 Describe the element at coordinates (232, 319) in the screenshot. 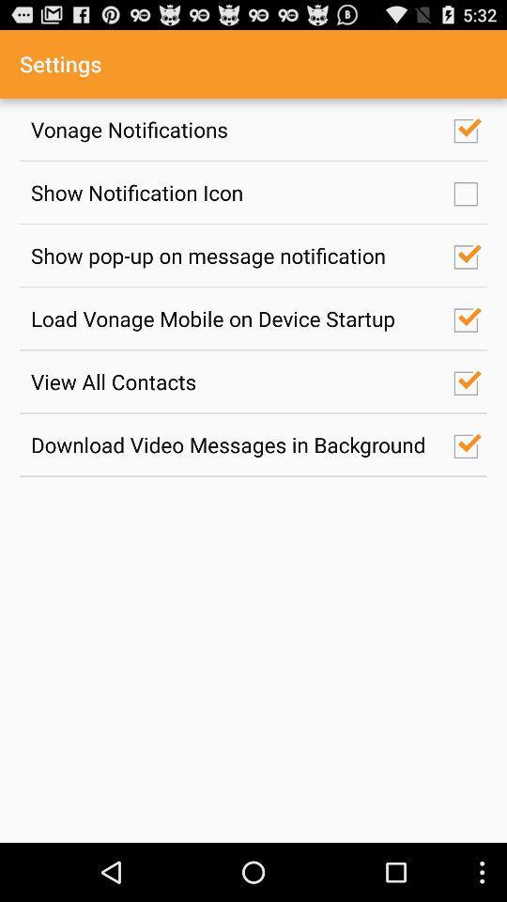

I see `the item above the view all contacts` at that location.